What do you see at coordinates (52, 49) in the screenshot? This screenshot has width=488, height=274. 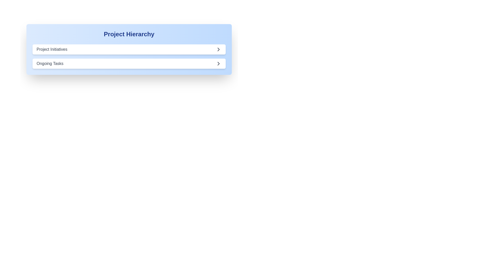 I see `the text label displaying 'Project Initiatives'` at bounding box center [52, 49].